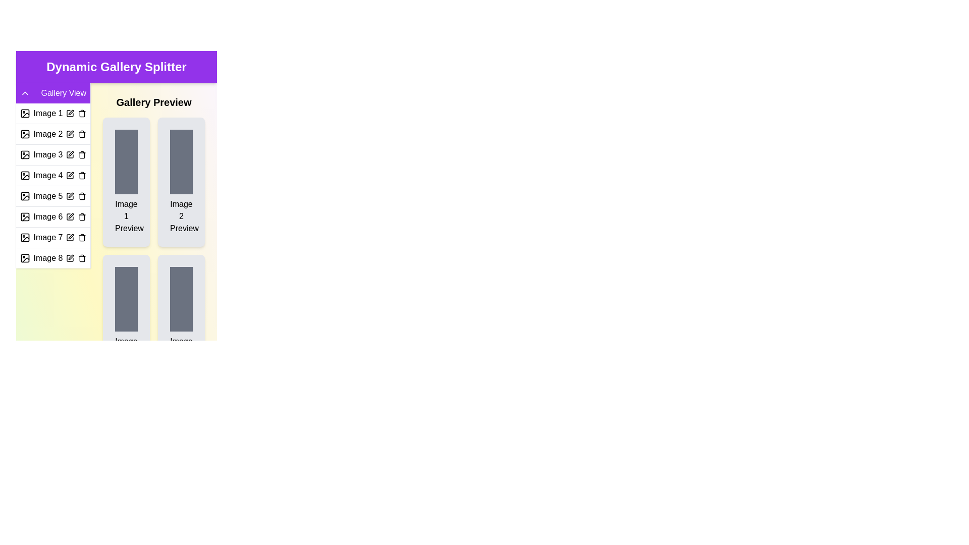  I want to click on the pen icon button located to the right of the 'Image 7' label in the left sidebar, so click(70, 237).